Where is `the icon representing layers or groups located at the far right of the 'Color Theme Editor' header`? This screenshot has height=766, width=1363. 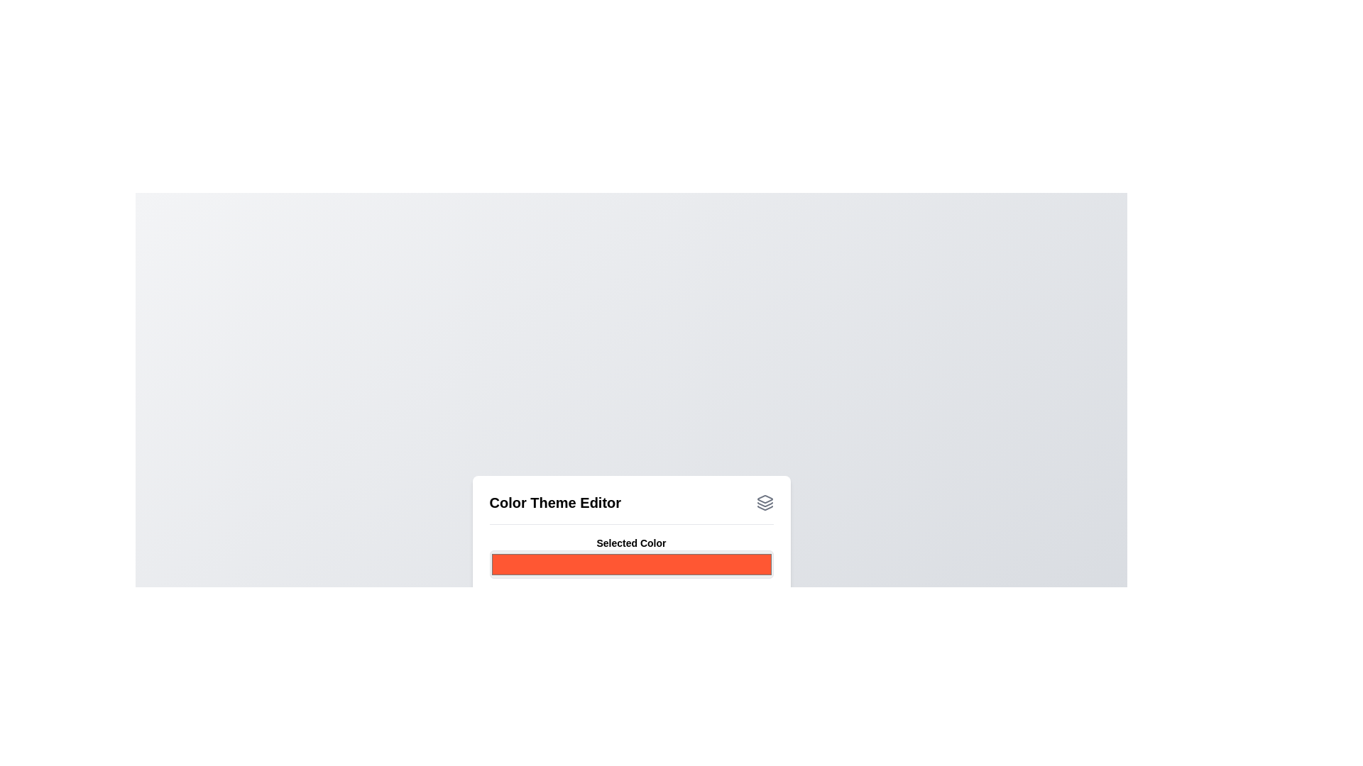 the icon representing layers or groups located at the far right of the 'Color Theme Editor' header is located at coordinates (764, 501).